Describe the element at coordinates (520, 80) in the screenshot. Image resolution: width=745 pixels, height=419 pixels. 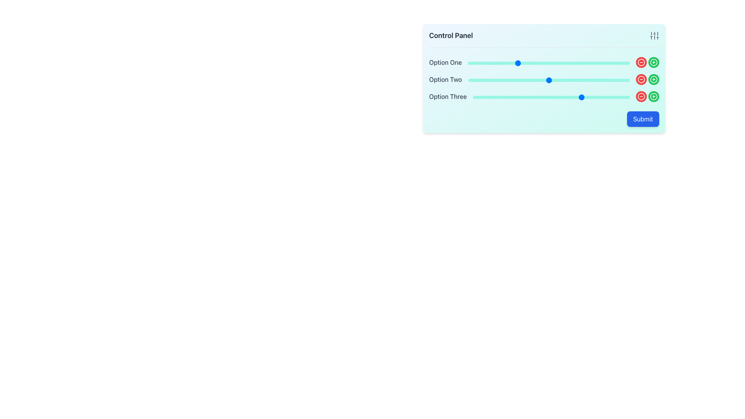
I see `the slider` at that location.